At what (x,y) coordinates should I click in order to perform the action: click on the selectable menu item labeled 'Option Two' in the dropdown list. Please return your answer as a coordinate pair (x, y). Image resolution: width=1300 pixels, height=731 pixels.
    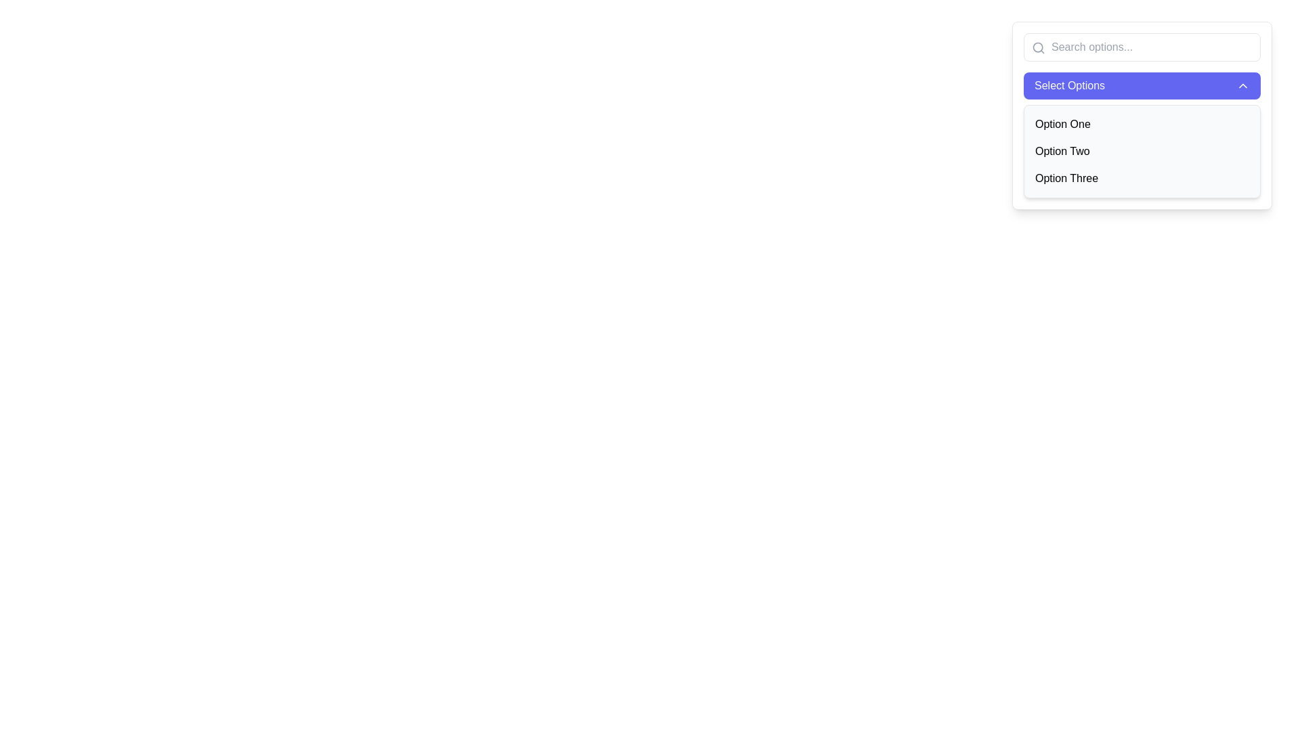
    Looking at the image, I should click on (1141, 151).